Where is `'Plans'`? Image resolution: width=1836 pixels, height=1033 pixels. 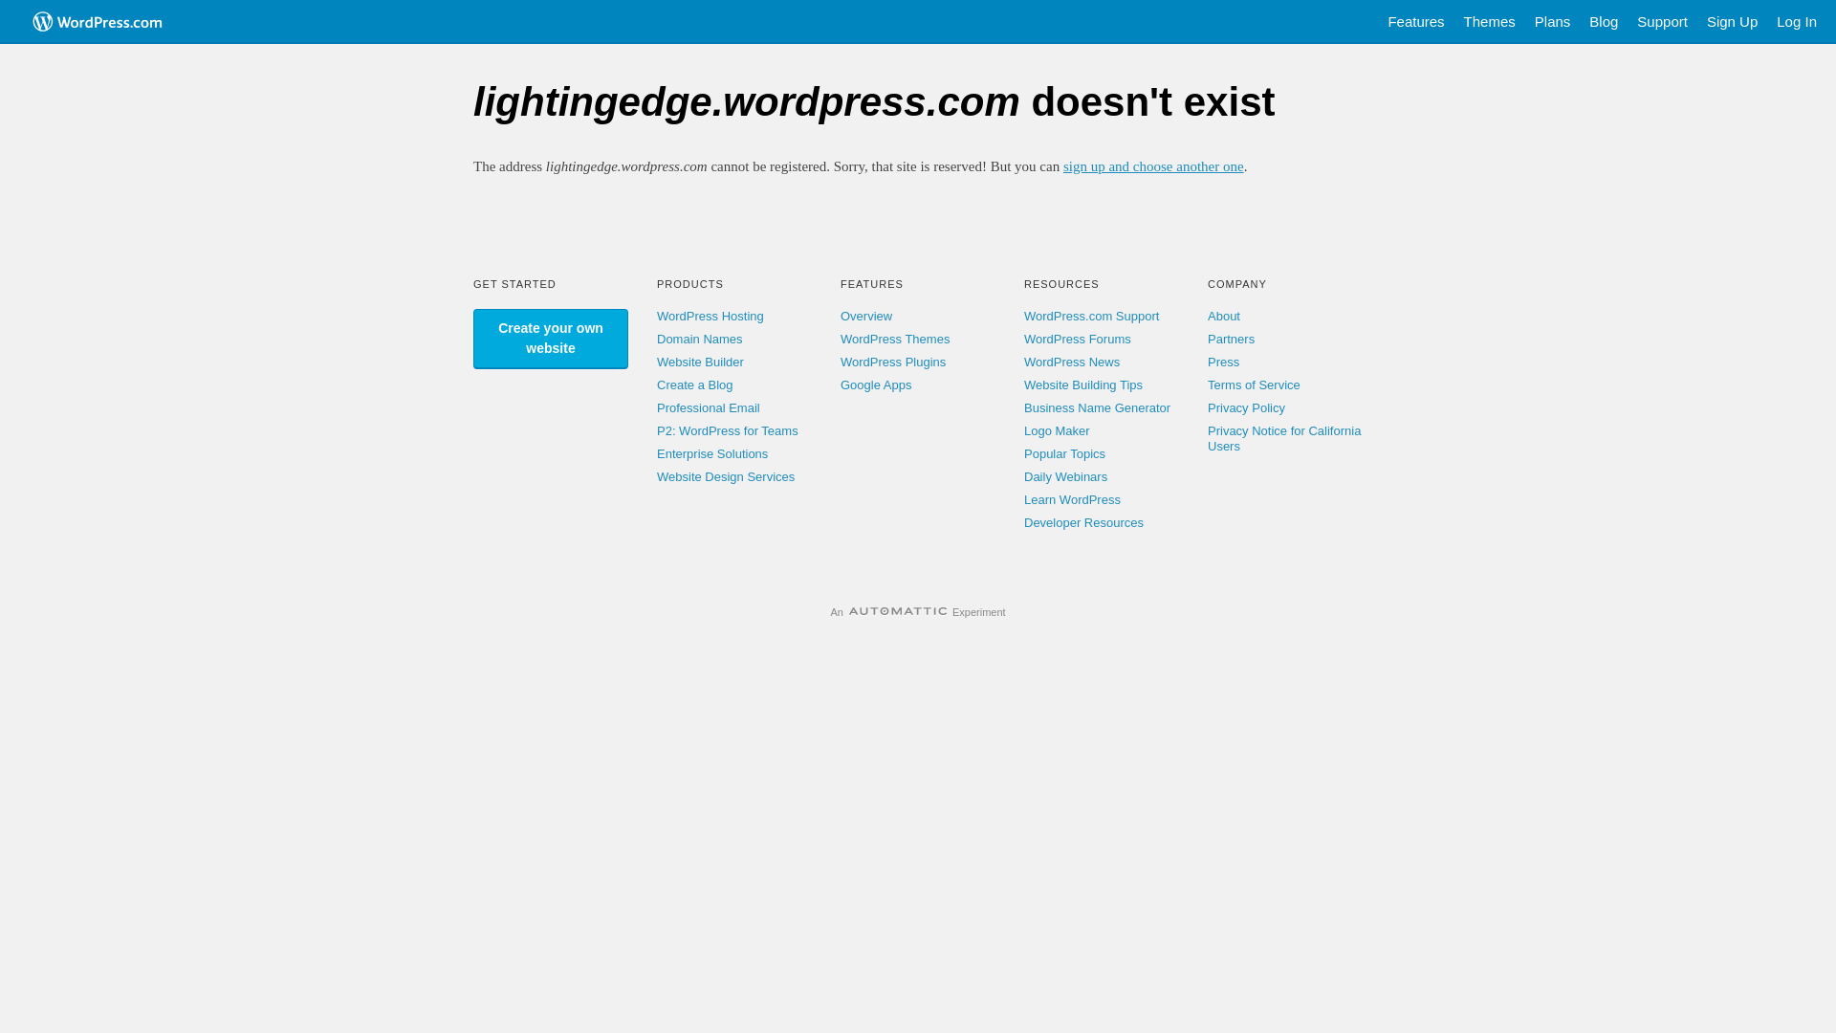 'Plans' is located at coordinates (1552, 22).